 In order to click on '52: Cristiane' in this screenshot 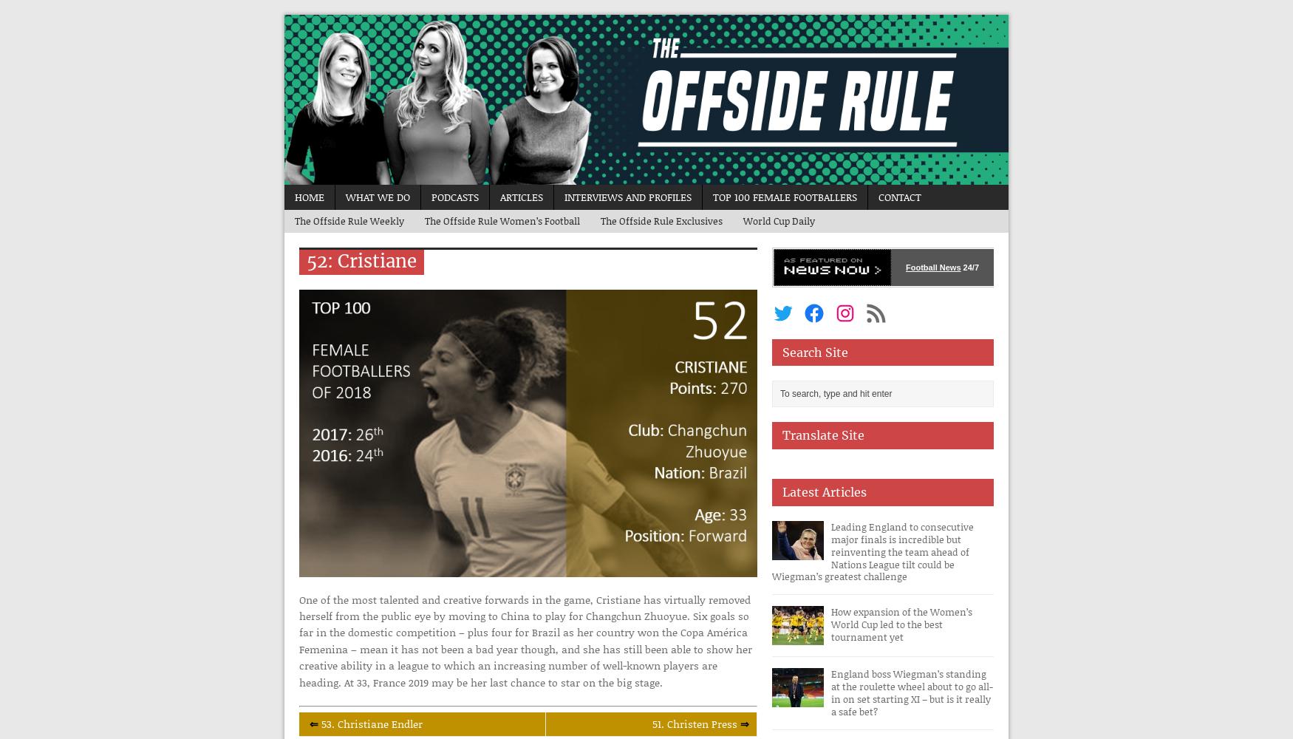, I will do `click(305, 259)`.